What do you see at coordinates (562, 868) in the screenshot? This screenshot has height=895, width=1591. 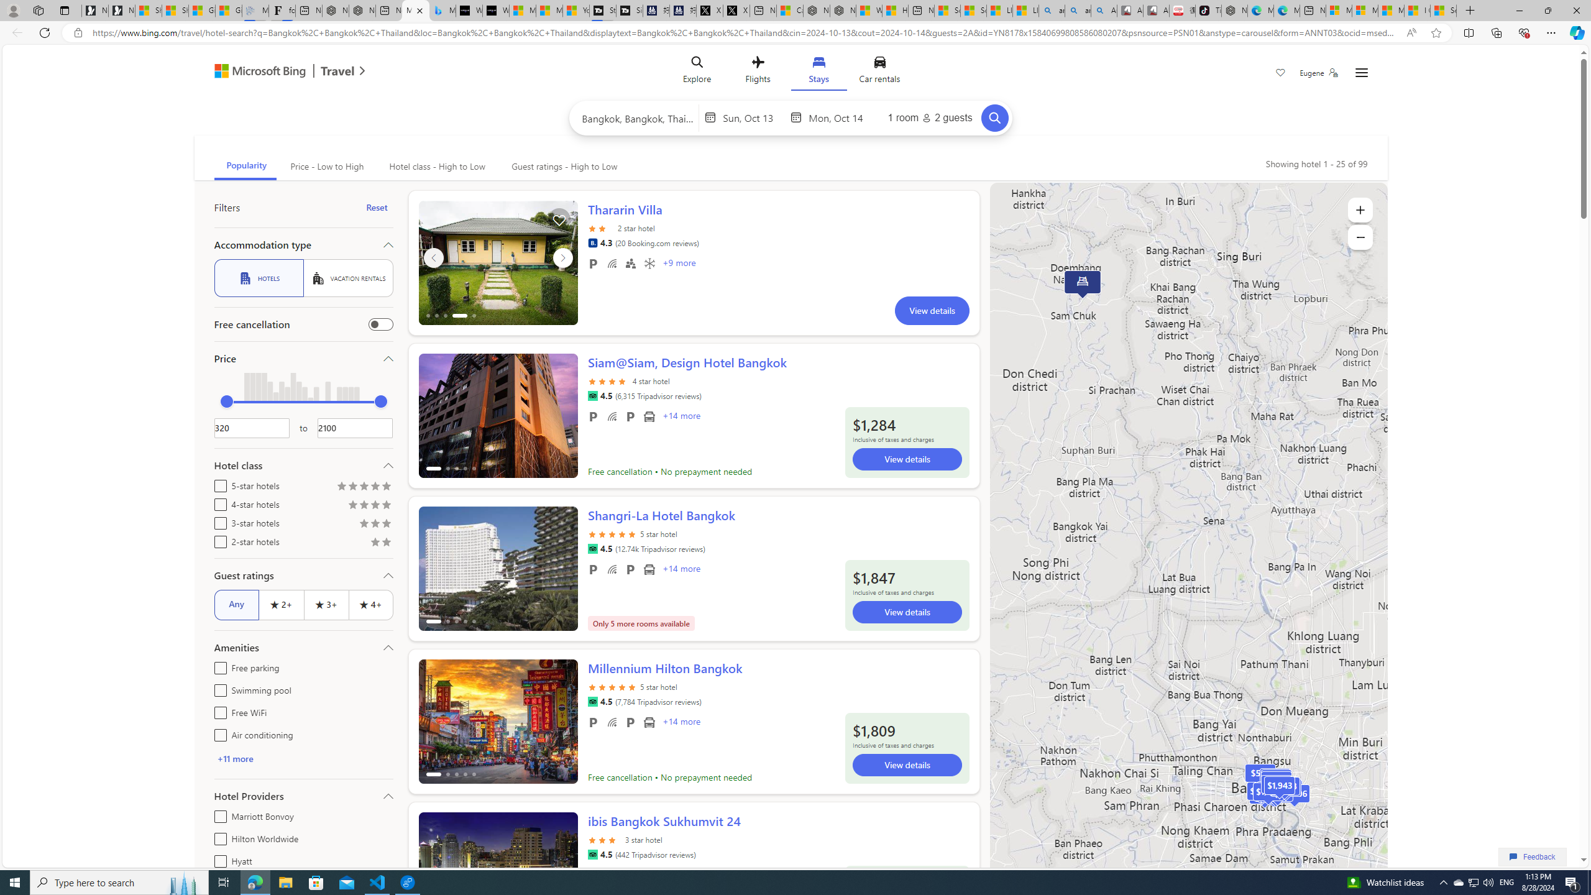 I see `'ScrollRight'` at bounding box center [562, 868].